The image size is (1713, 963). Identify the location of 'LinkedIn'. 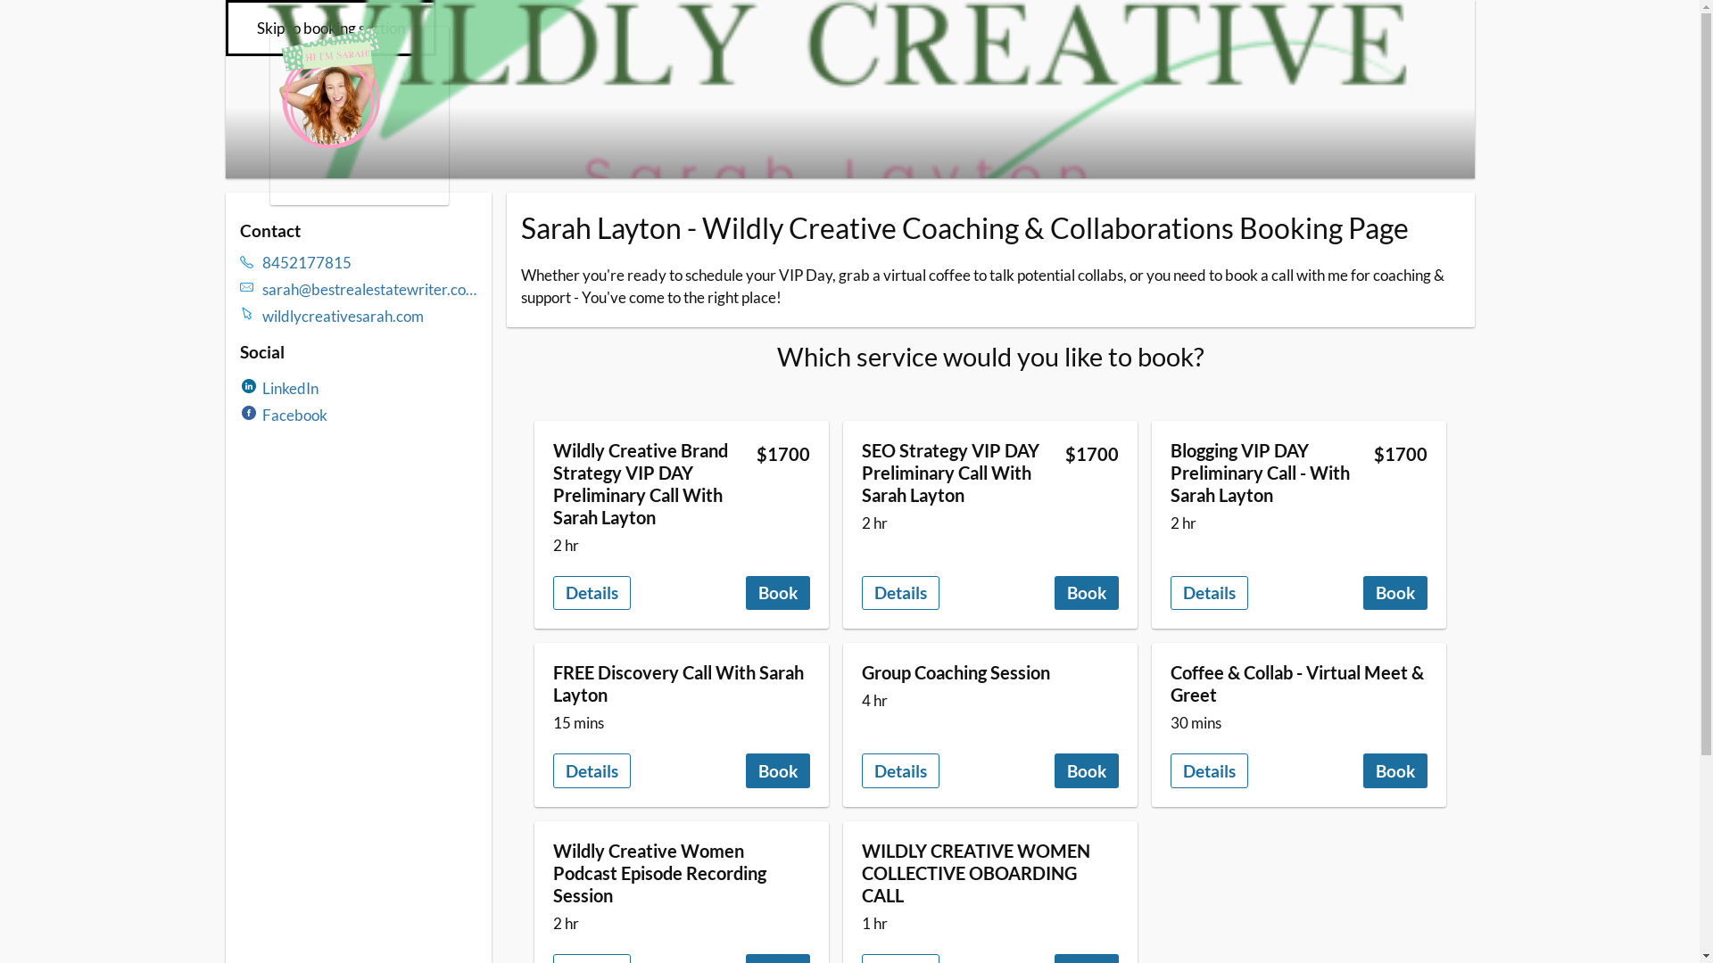
(290, 387).